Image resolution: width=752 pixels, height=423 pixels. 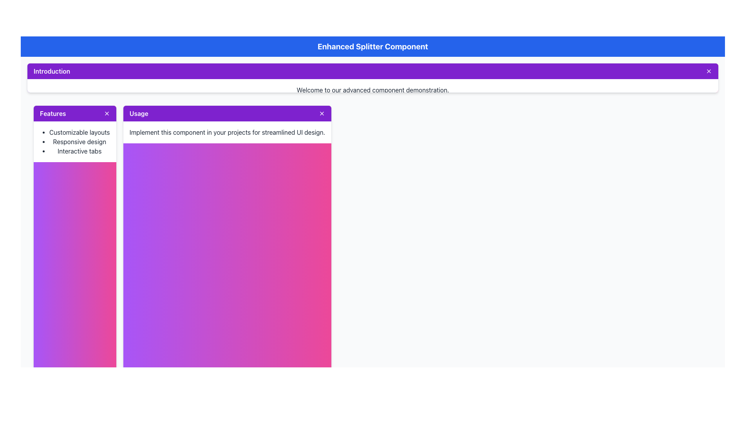 What do you see at coordinates (52, 113) in the screenshot?
I see `the label that serves as the title for the purple panel labeled 'Features' located near the top-left corner of the panel` at bounding box center [52, 113].